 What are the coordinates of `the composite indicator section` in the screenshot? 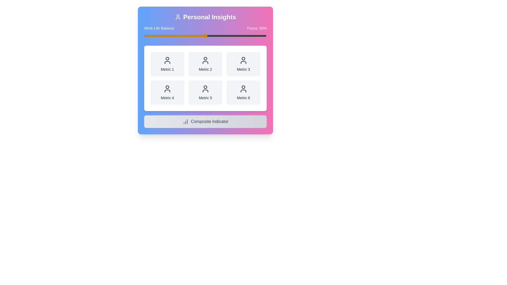 It's located at (205, 122).